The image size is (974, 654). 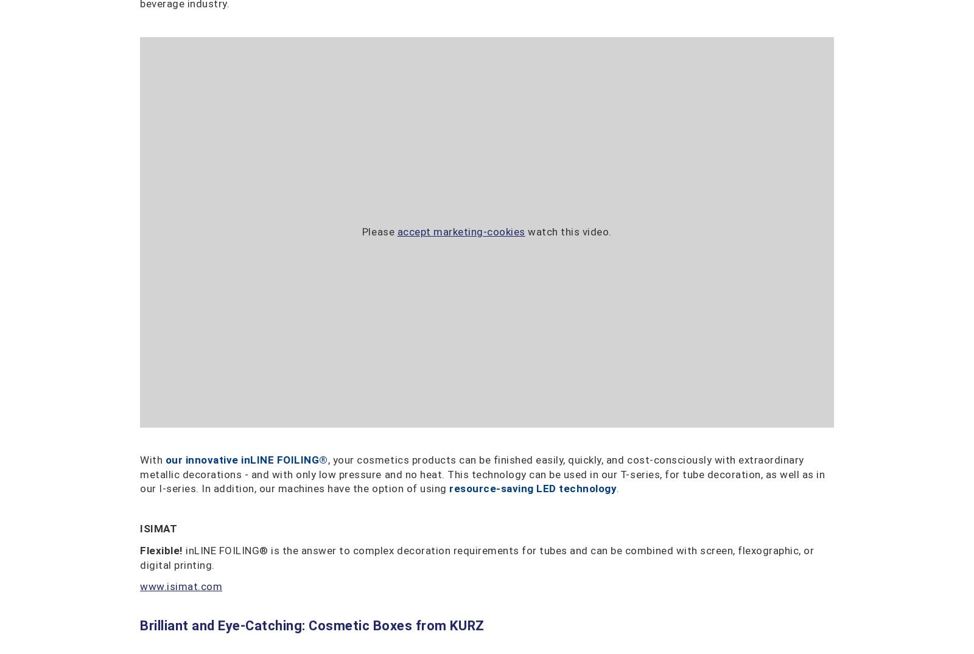 I want to click on 'resource-saving LED technology', so click(x=532, y=488).